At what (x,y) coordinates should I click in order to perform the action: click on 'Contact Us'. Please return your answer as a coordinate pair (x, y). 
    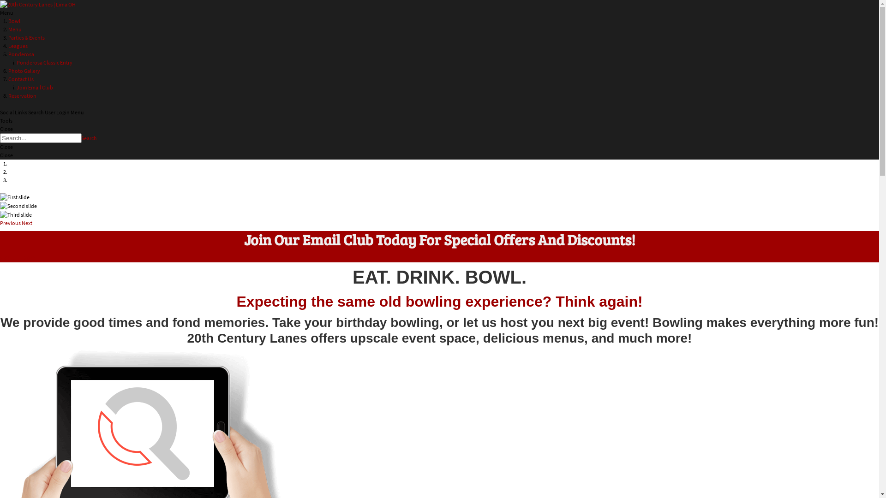
    Looking at the image, I should click on (21, 78).